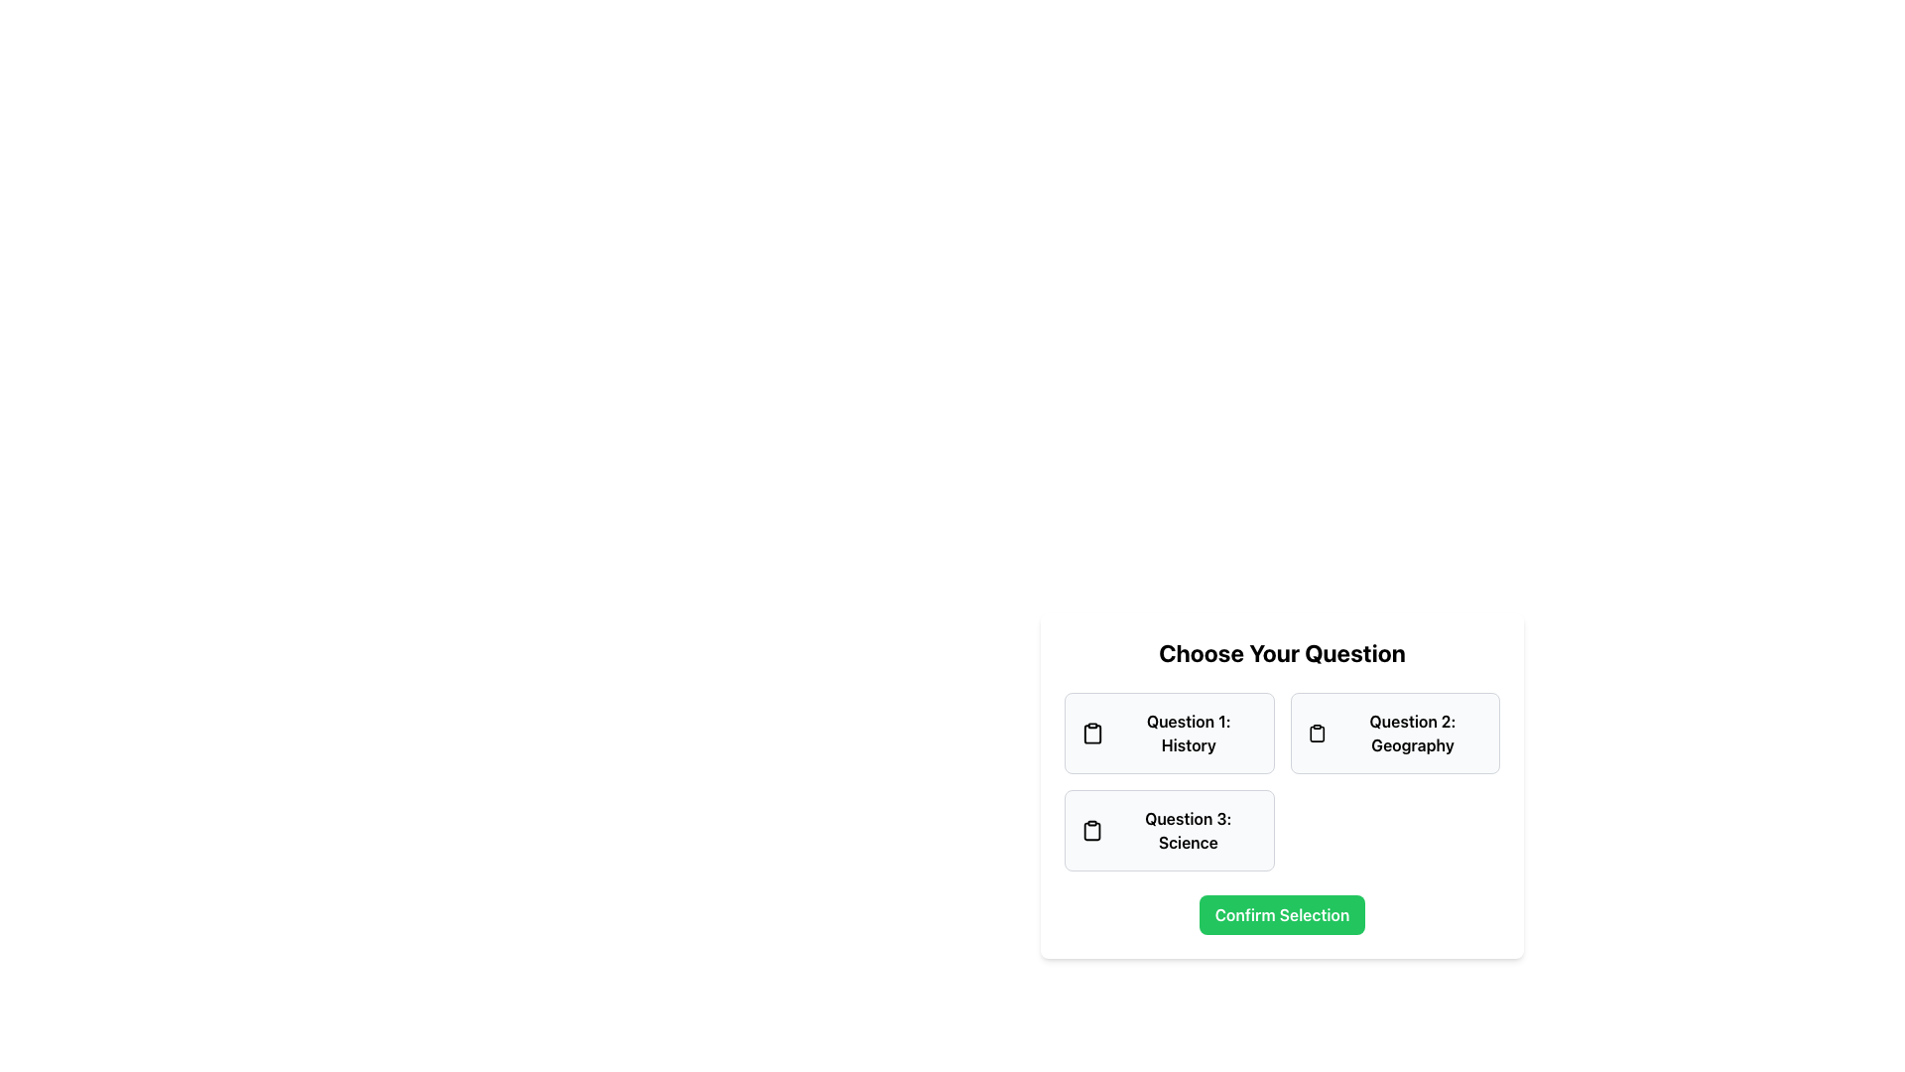 This screenshot has height=1072, width=1905. Describe the element at coordinates (1169, 831) in the screenshot. I see `the button for 'Question 3: Science' located at the bottom left section of the grid` at that location.